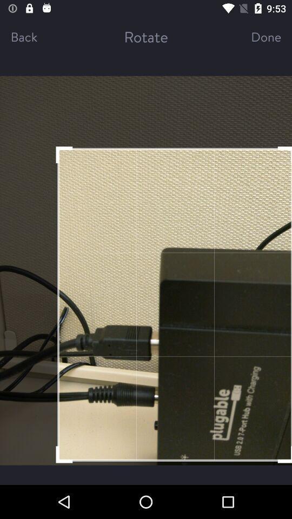 This screenshot has width=292, height=519. I want to click on the rotate, so click(146, 36).